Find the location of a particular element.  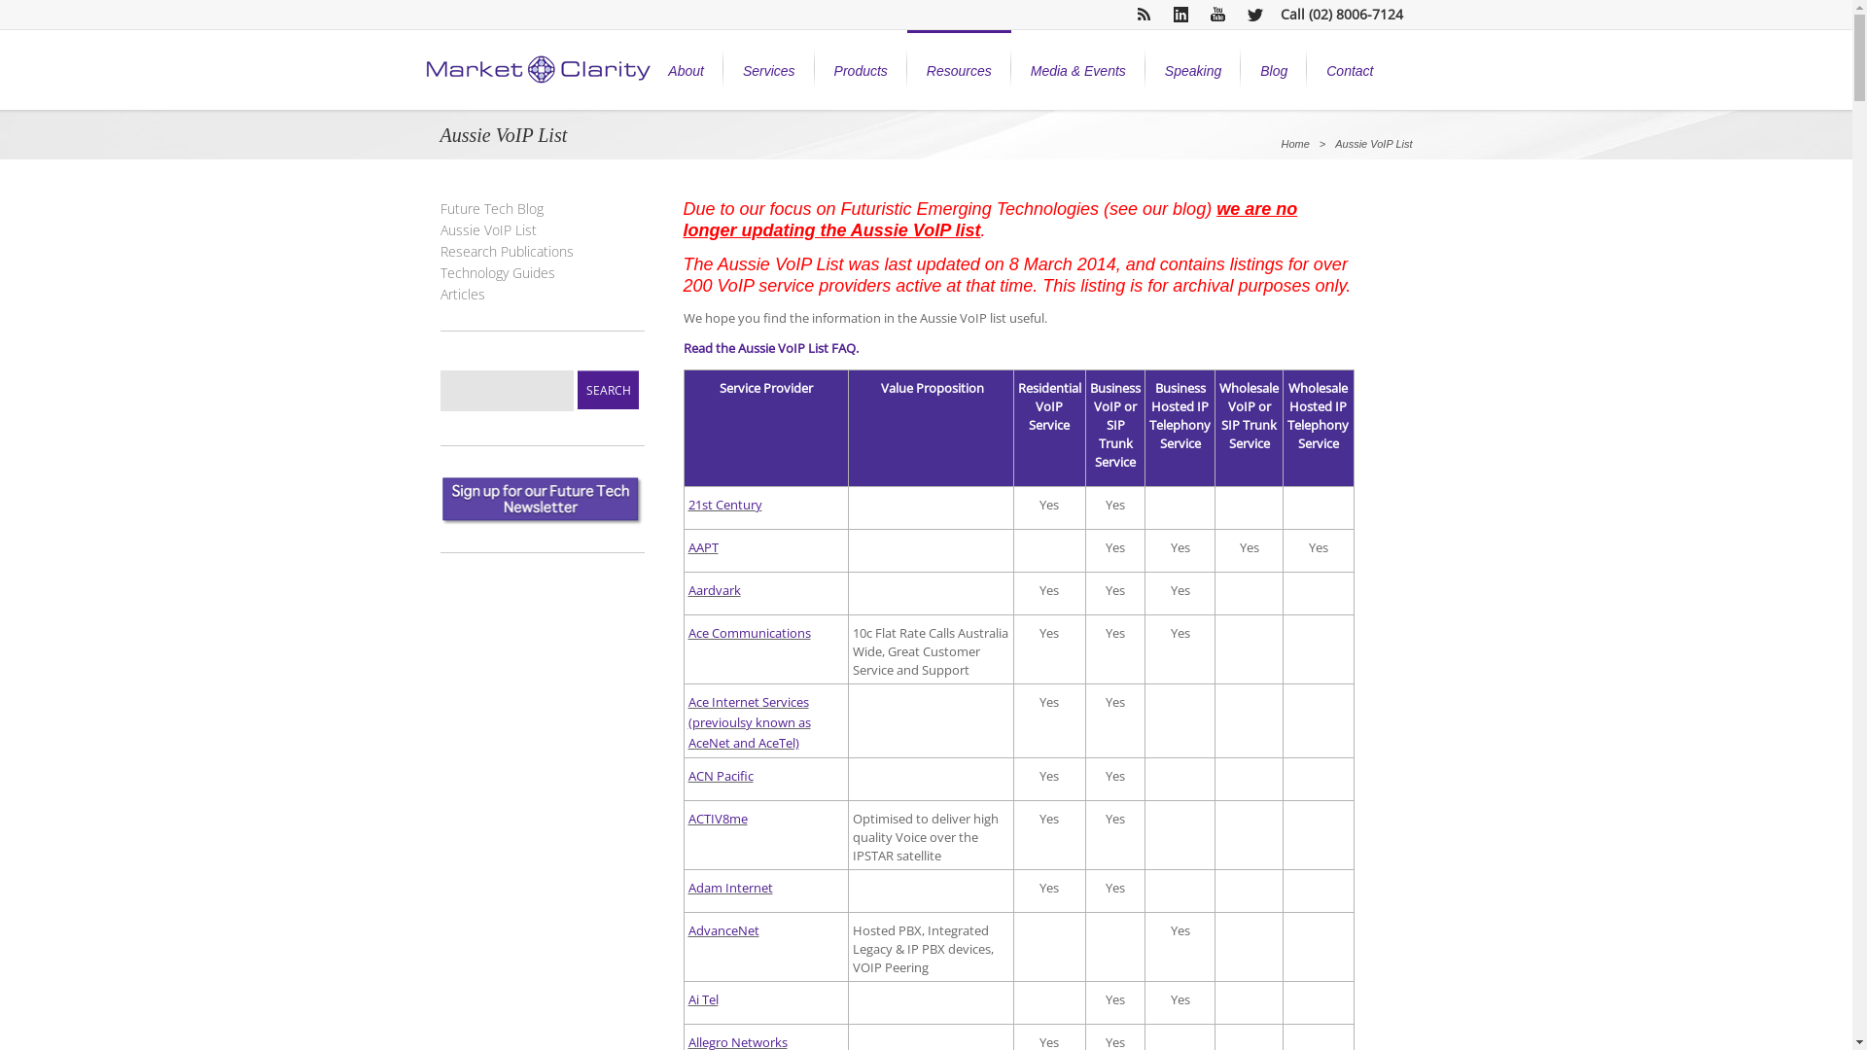

'YouTube' is located at coordinates (1216, 15).